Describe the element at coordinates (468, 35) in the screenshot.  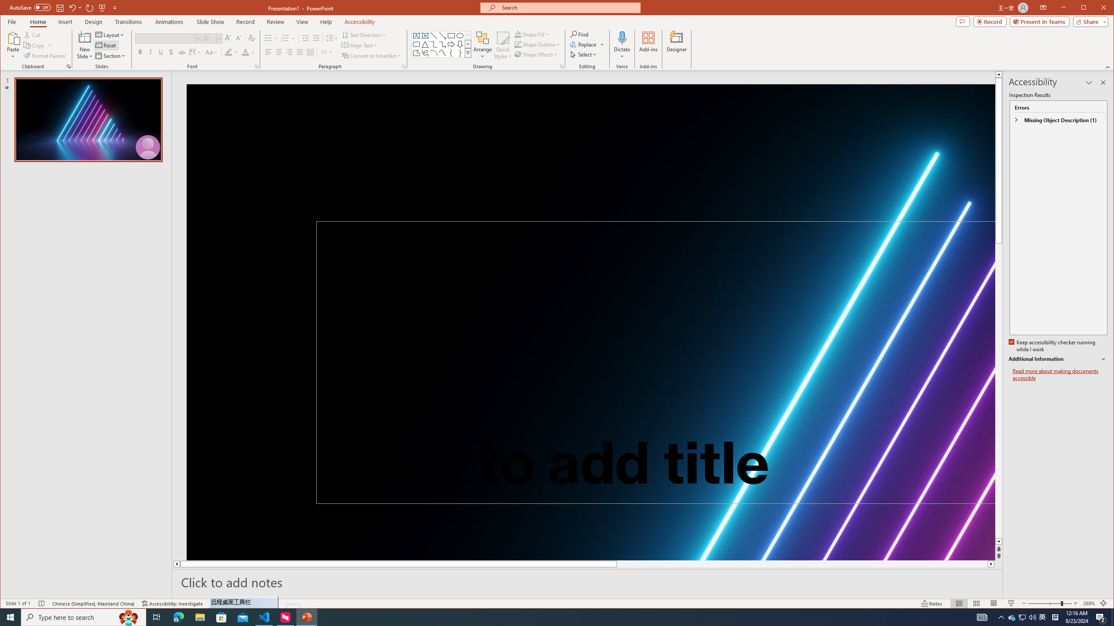
I see `'Row up'` at that location.